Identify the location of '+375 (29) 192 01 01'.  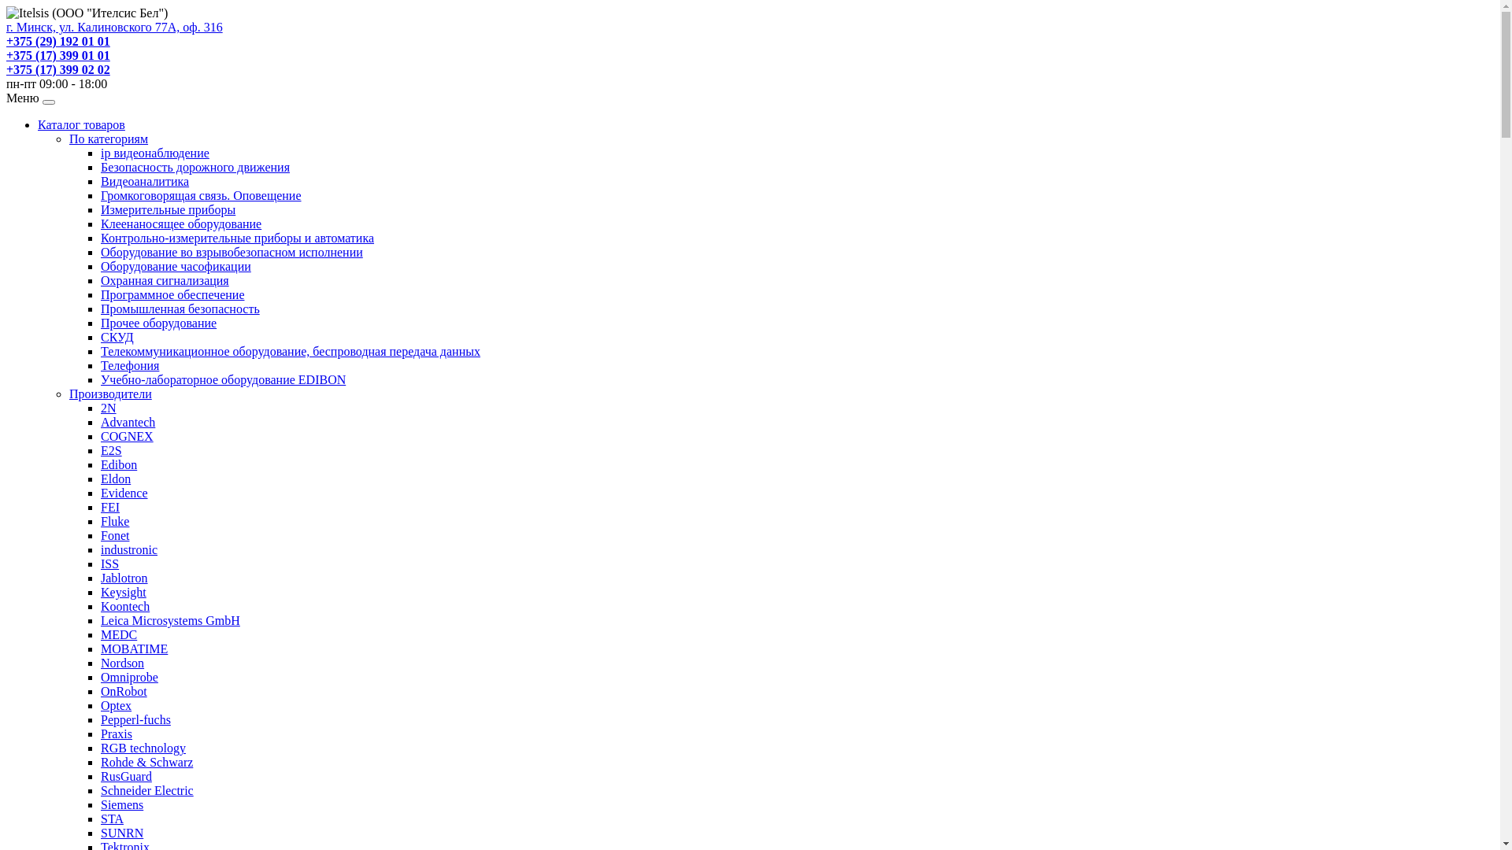
(6, 40).